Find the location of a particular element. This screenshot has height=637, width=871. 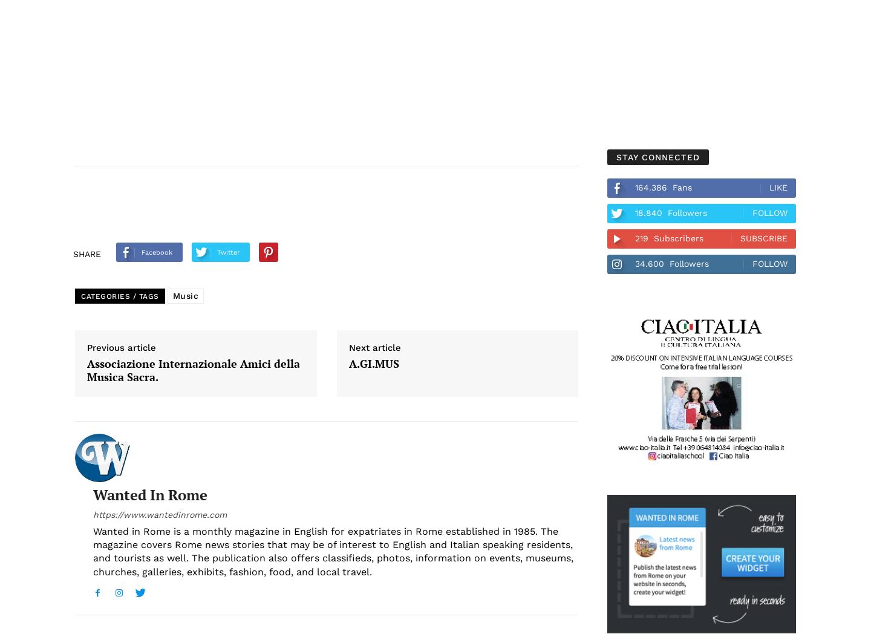

'Twitter' is located at coordinates (227, 252).